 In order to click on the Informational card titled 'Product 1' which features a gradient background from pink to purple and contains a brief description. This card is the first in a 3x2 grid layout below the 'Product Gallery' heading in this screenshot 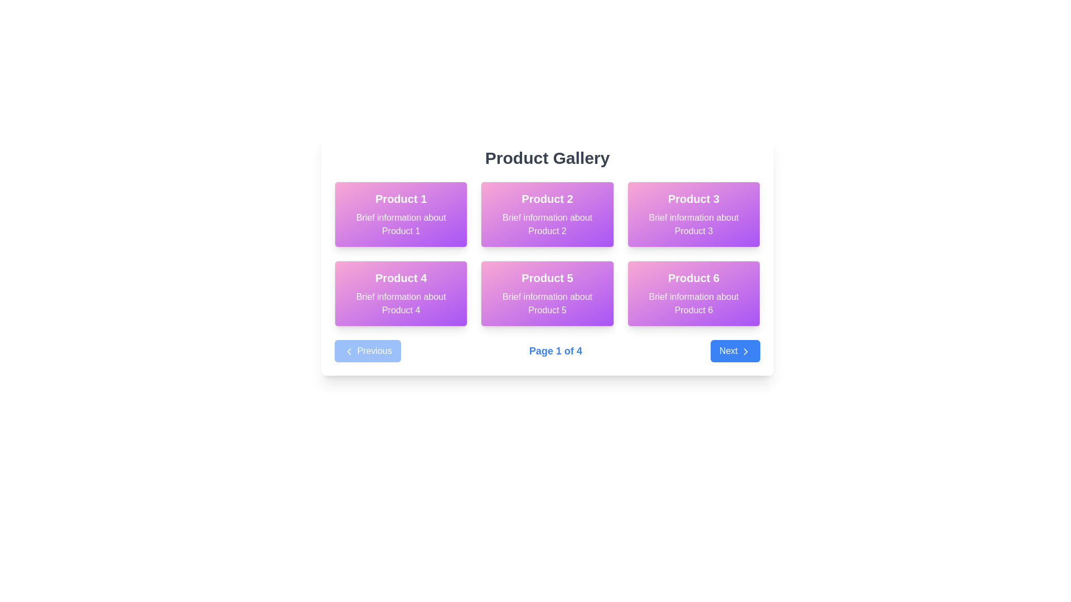, I will do `click(401, 215)`.